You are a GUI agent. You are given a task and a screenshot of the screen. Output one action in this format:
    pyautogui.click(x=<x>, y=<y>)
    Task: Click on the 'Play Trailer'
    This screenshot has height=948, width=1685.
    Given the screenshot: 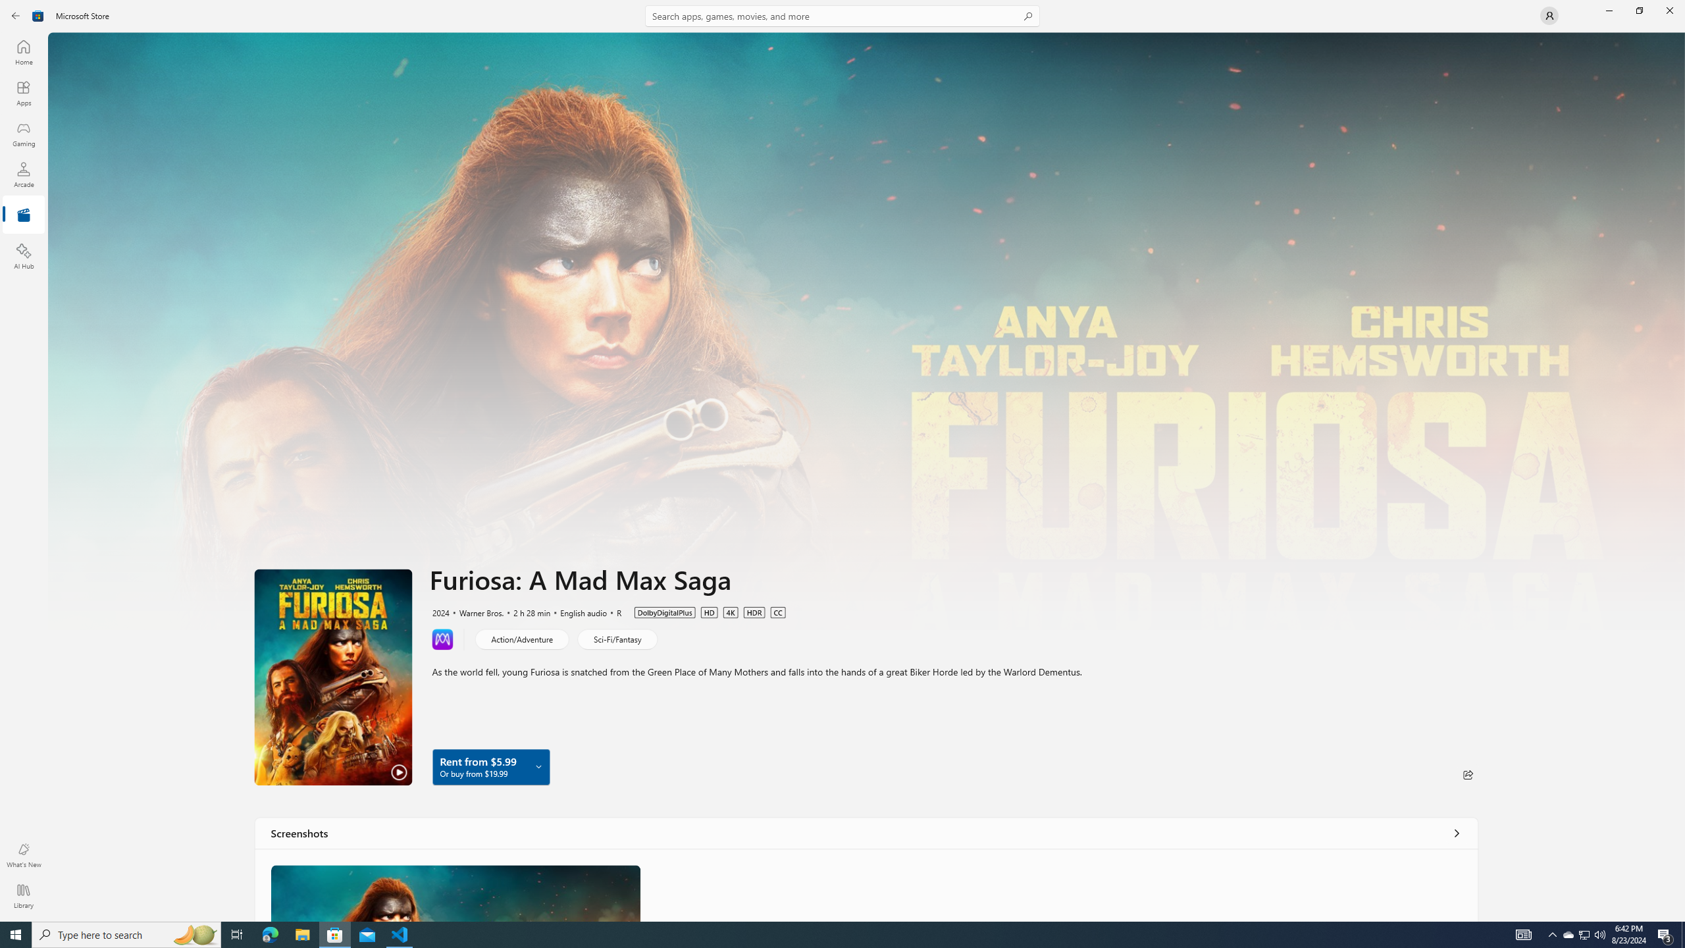 What is the action you would take?
    pyautogui.click(x=332, y=676)
    